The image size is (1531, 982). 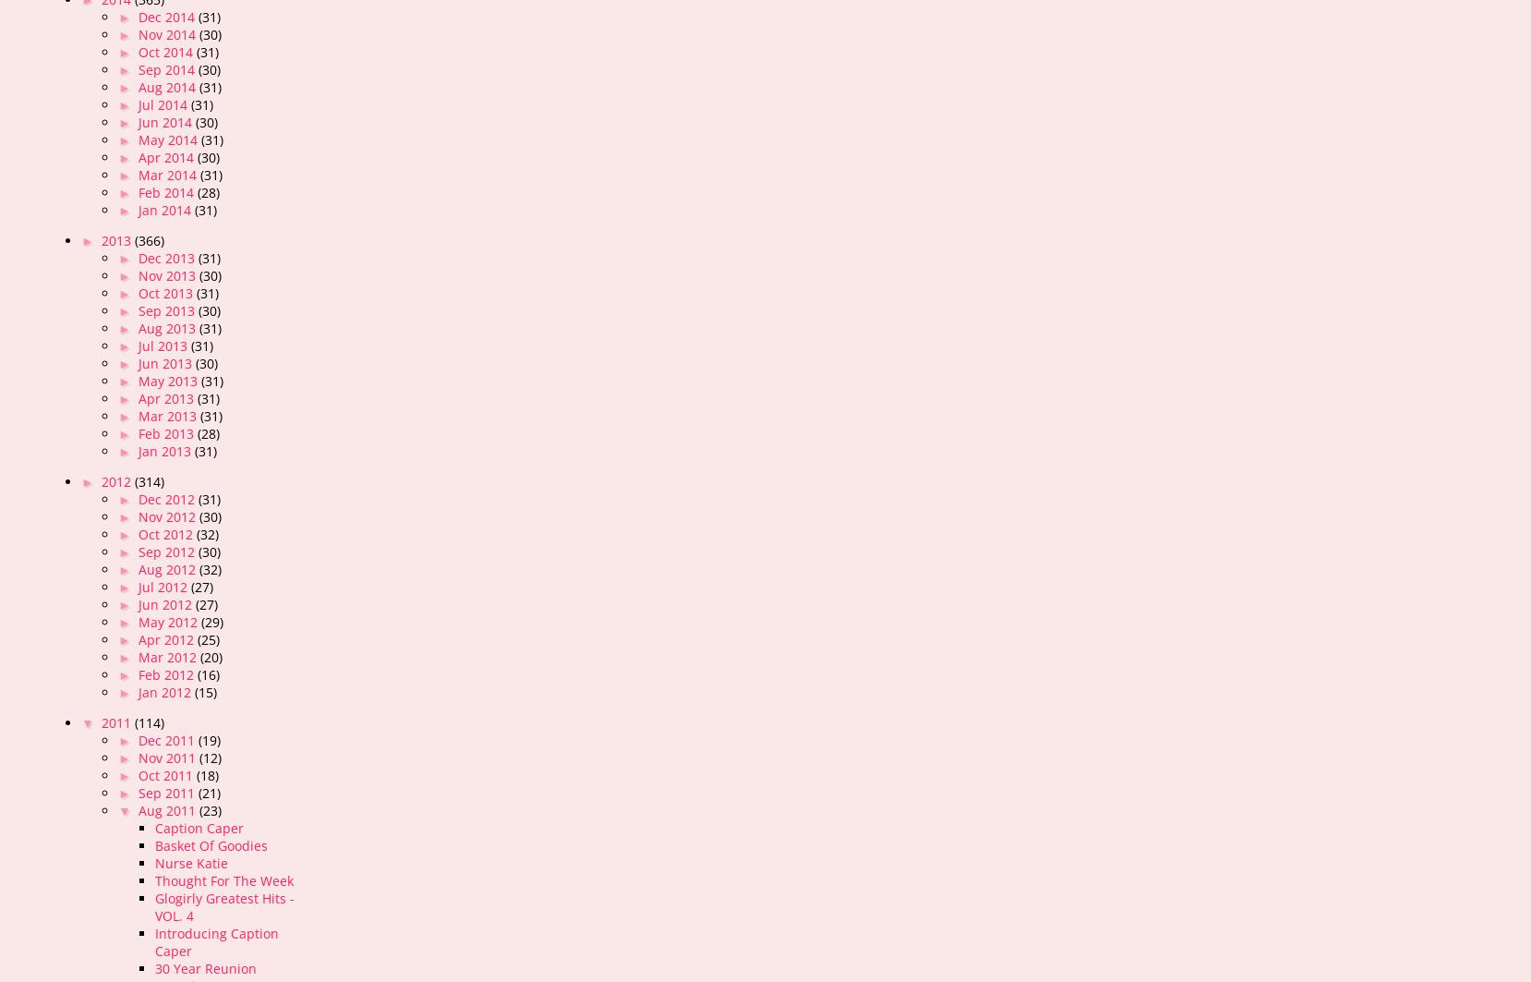 I want to click on '30 Year Reunion', so click(x=206, y=967).